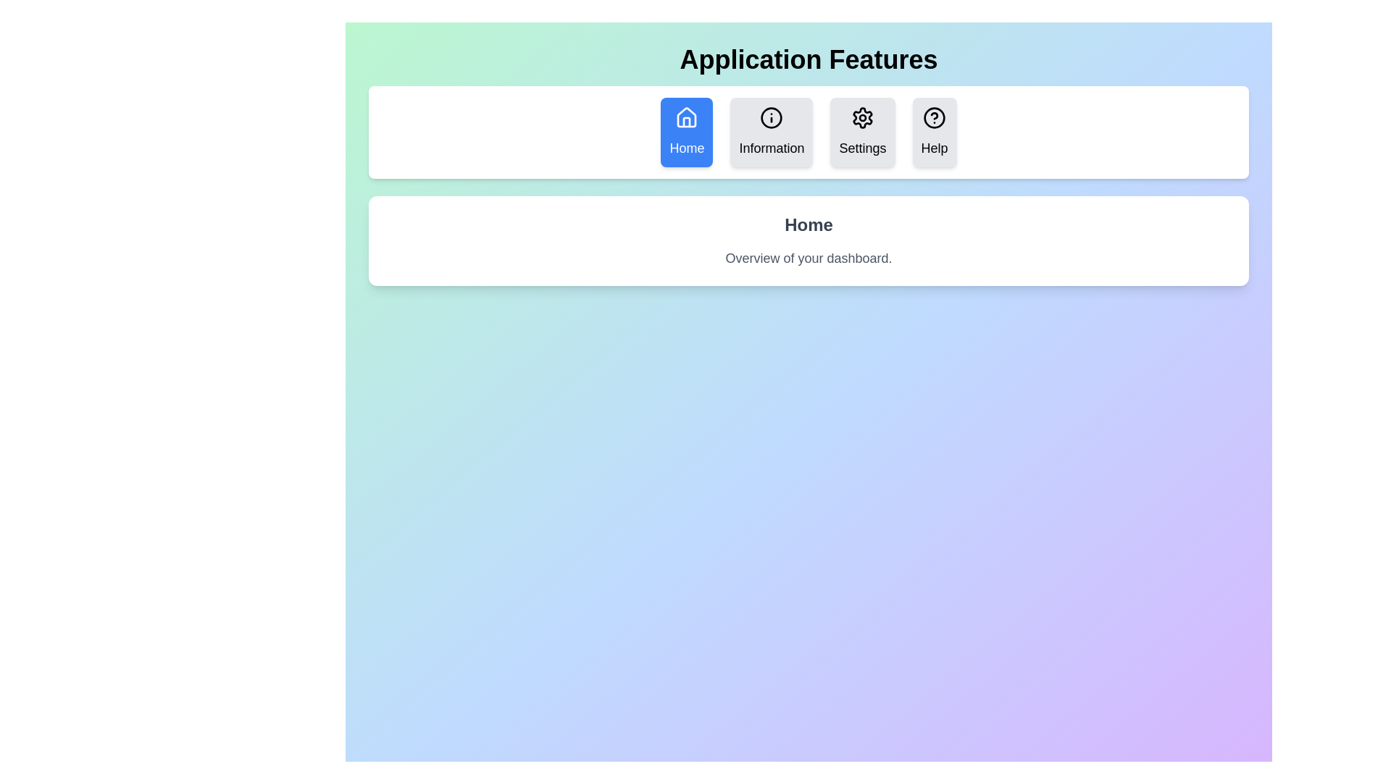  Describe the element at coordinates (935, 132) in the screenshot. I see `the Help tab button to switch to that tab` at that location.